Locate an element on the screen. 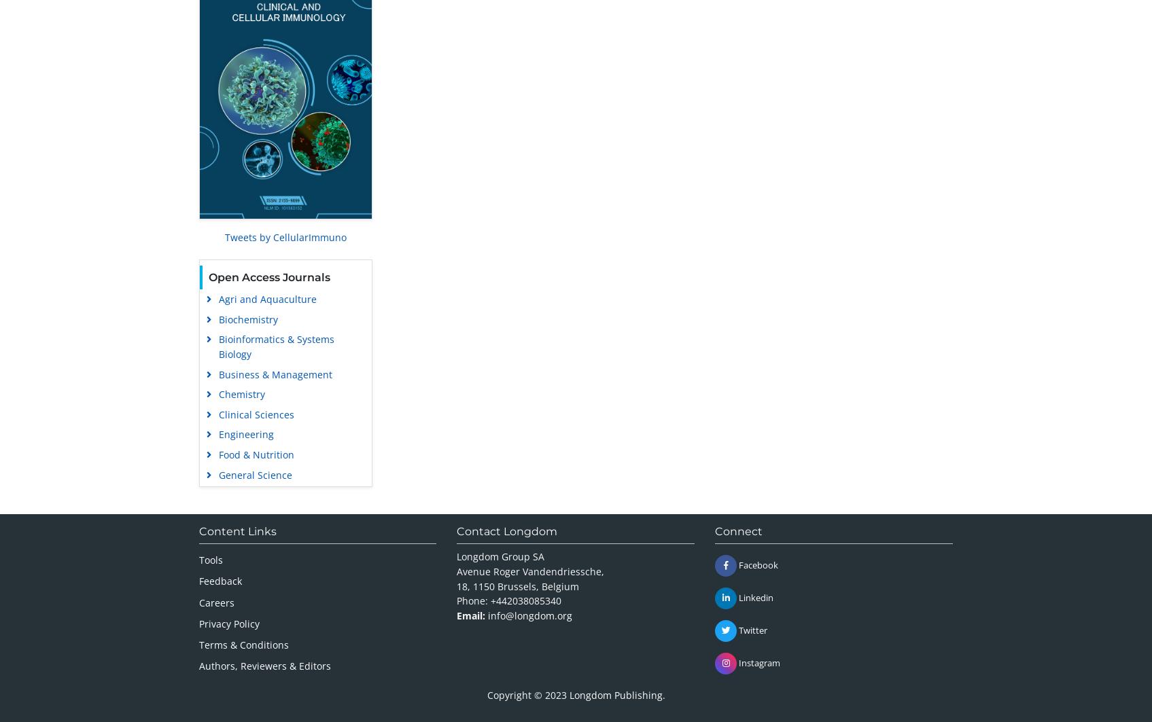  '18, 1150 Brussels, Belgium' is located at coordinates (457, 585).